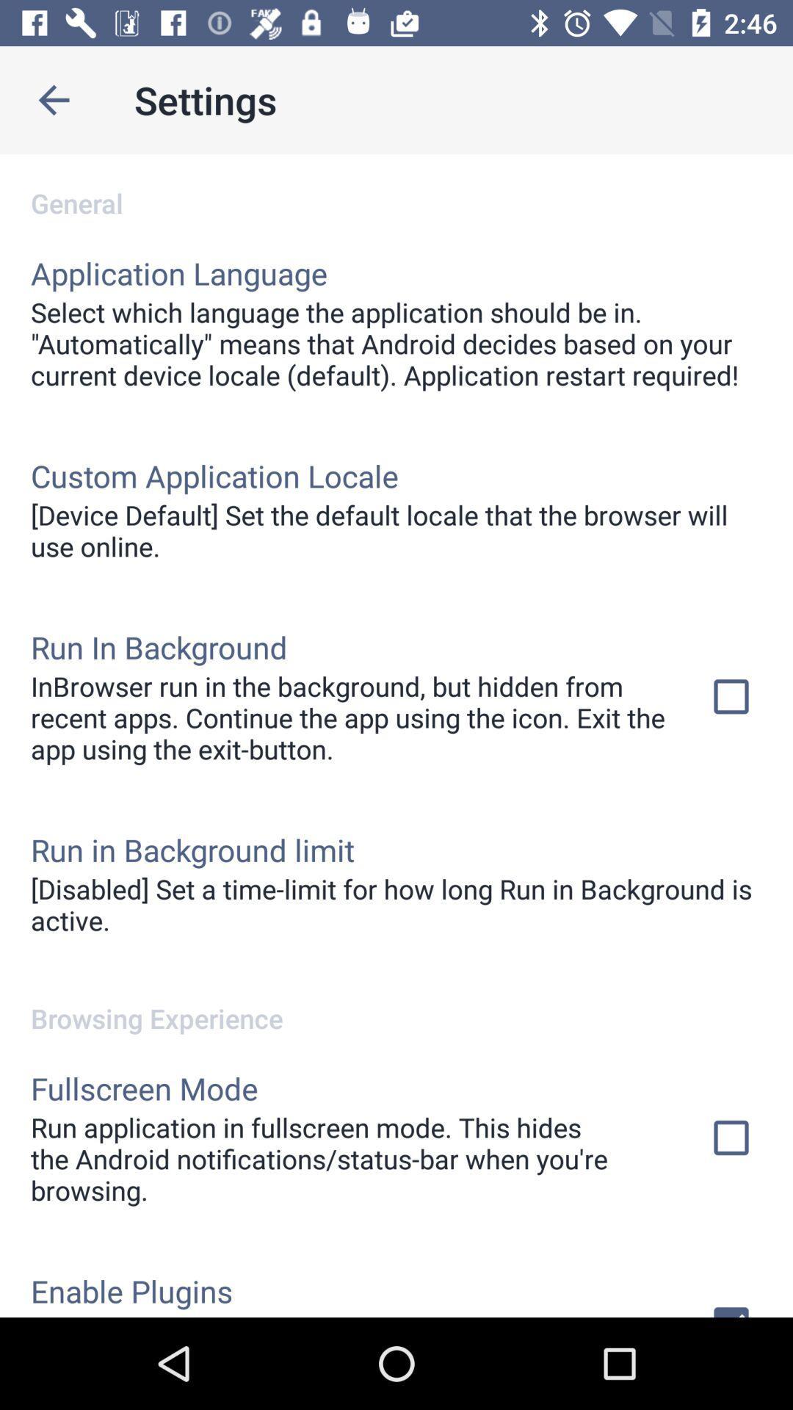 This screenshot has height=1410, width=793. I want to click on previous, so click(53, 99).